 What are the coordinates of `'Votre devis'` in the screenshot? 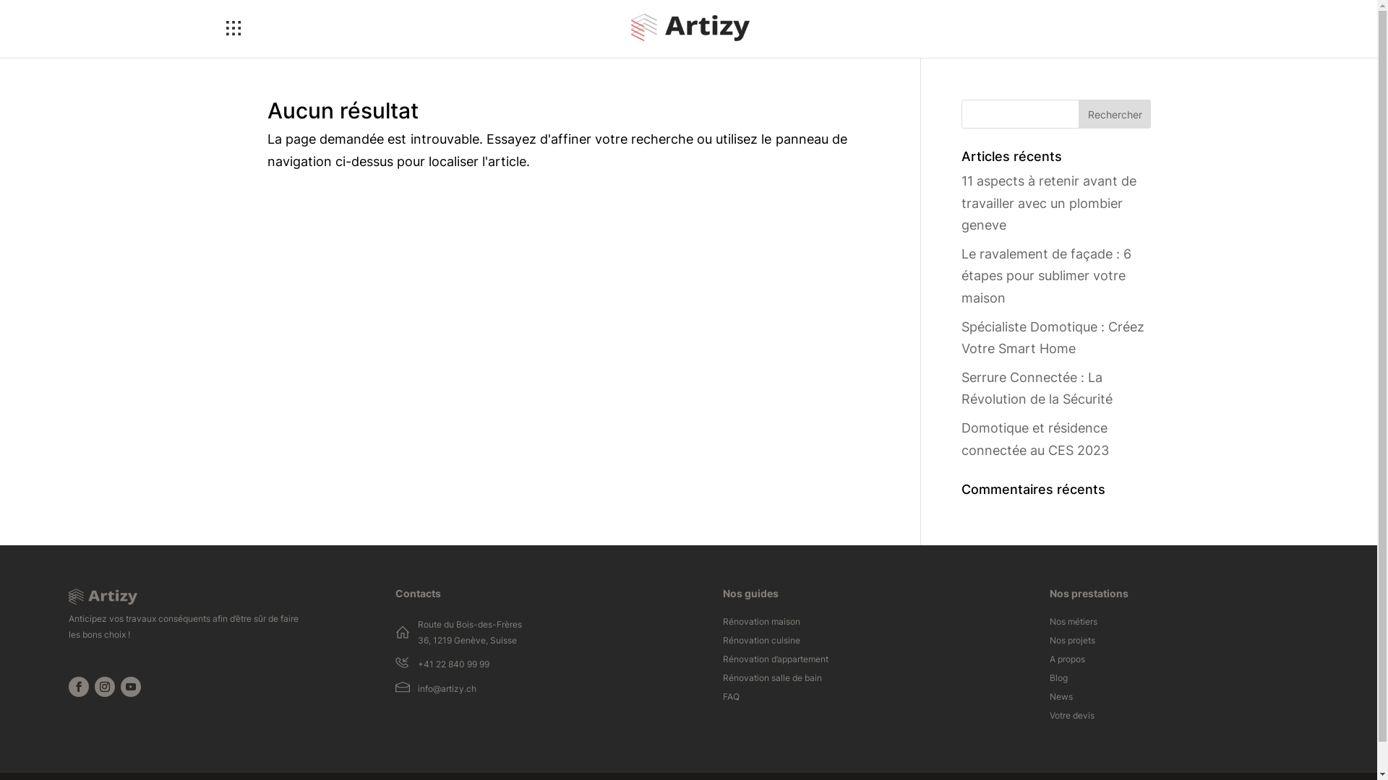 It's located at (1072, 719).